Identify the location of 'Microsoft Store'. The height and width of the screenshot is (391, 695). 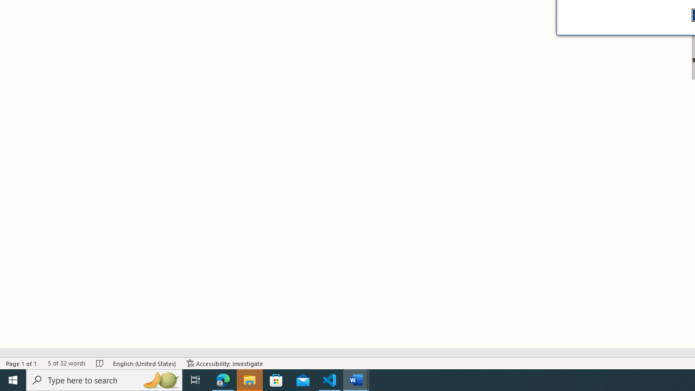
(276, 379).